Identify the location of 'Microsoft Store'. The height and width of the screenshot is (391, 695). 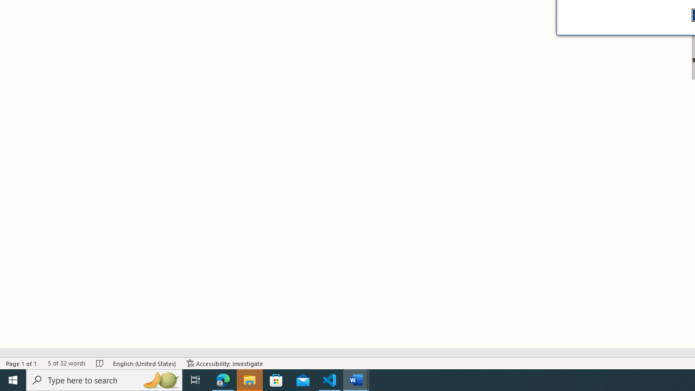
(276, 379).